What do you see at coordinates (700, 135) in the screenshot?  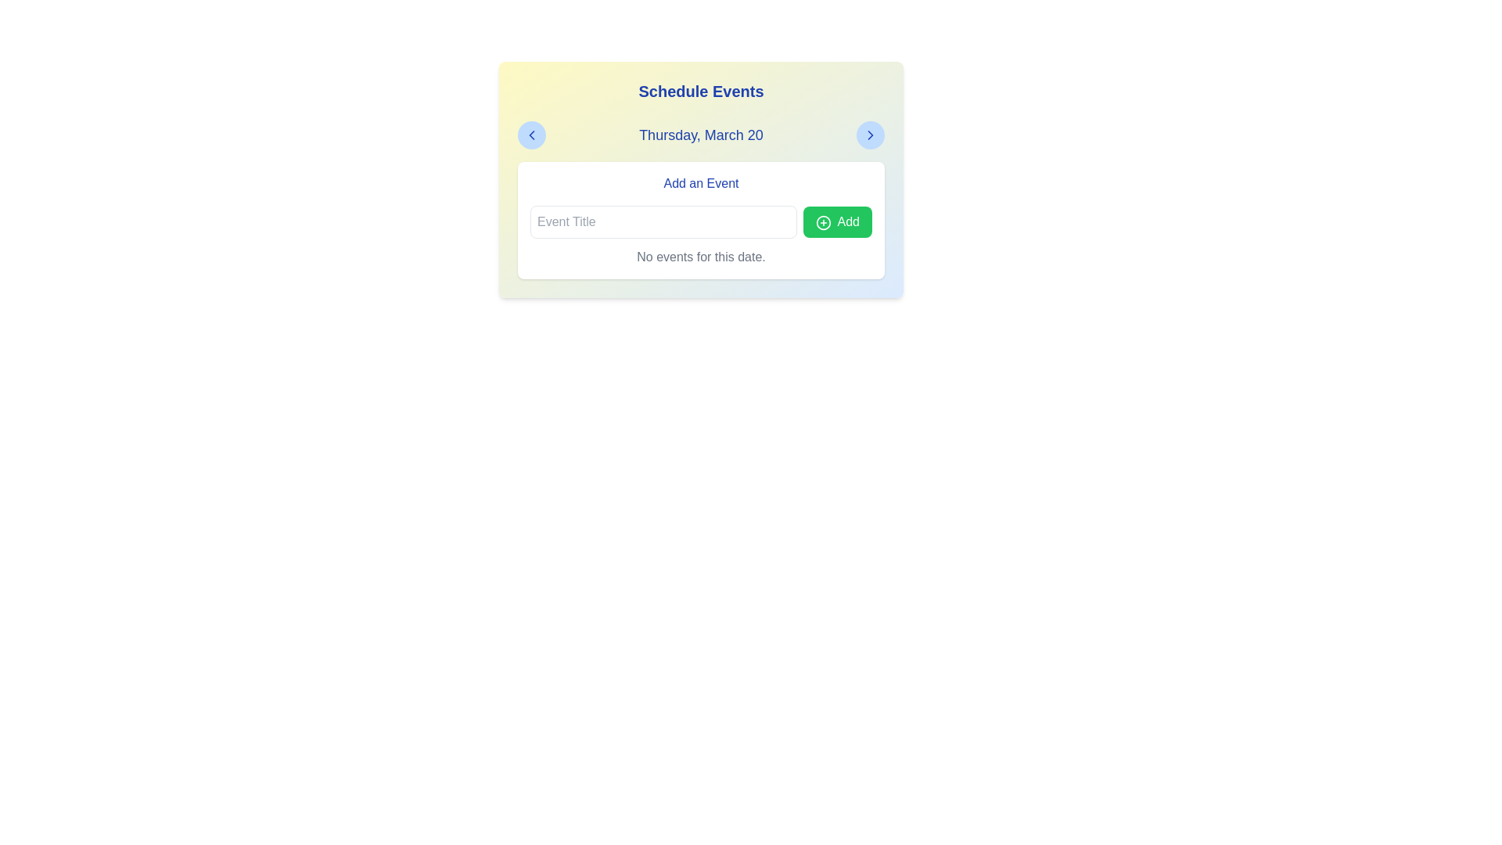 I see `the Text label that displays the currently selected date in the calendar interface, positioned below the title 'Schedule Events' and above the events section` at bounding box center [700, 135].